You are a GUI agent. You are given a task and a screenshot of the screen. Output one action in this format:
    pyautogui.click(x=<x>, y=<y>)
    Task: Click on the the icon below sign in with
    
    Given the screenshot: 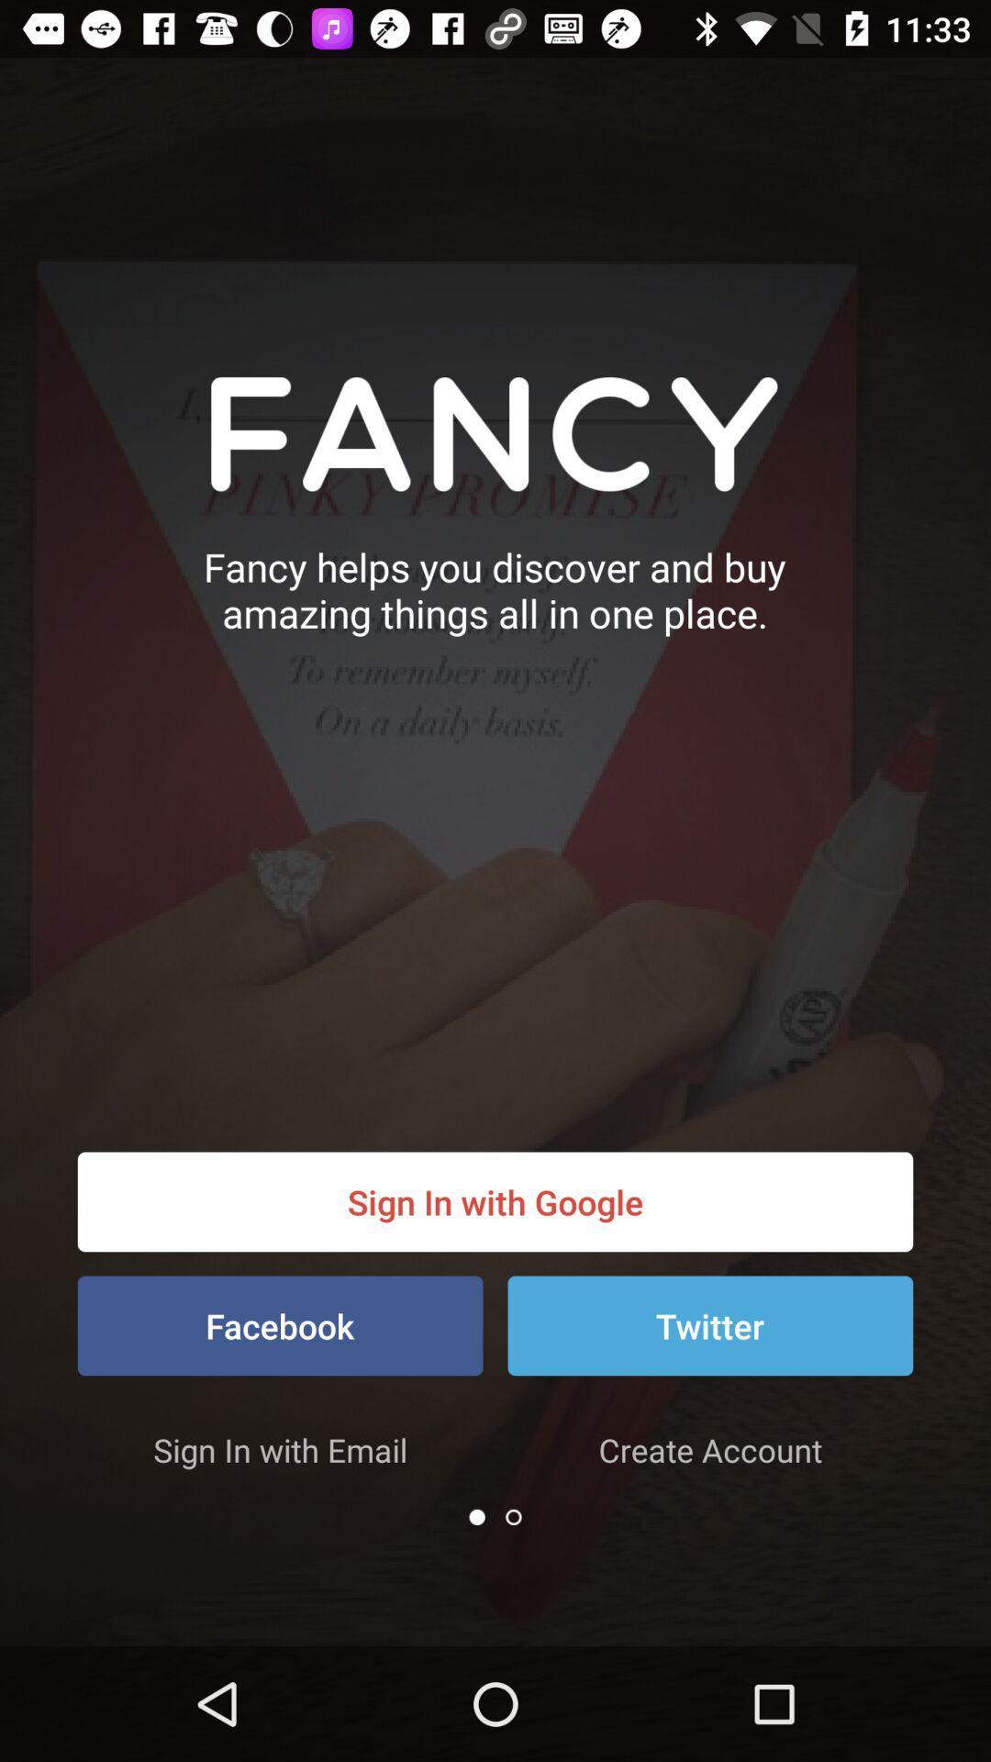 What is the action you would take?
    pyautogui.click(x=280, y=1325)
    